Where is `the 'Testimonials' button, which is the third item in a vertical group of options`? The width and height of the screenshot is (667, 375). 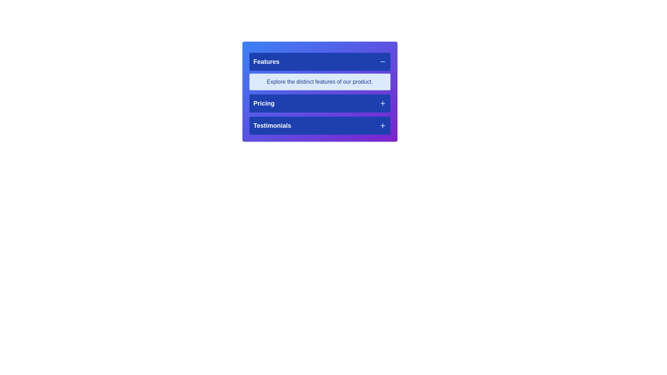 the 'Testimonials' button, which is the third item in a vertical group of options is located at coordinates (319, 126).